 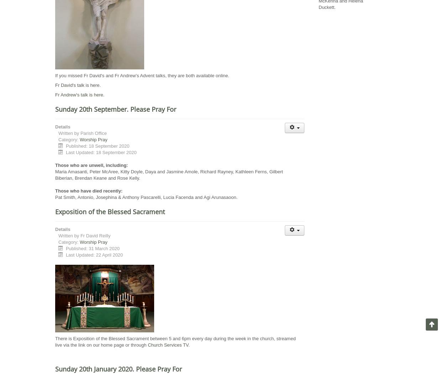 I want to click on 'Exposition of the Blessed Sacrament', so click(x=110, y=211).